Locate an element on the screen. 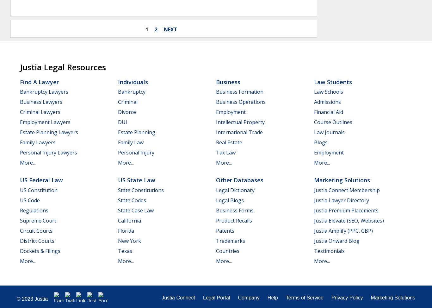 The width and height of the screenshot is (432, 308). 'Criminal Lawyers' is located at coordinates (20, 111).